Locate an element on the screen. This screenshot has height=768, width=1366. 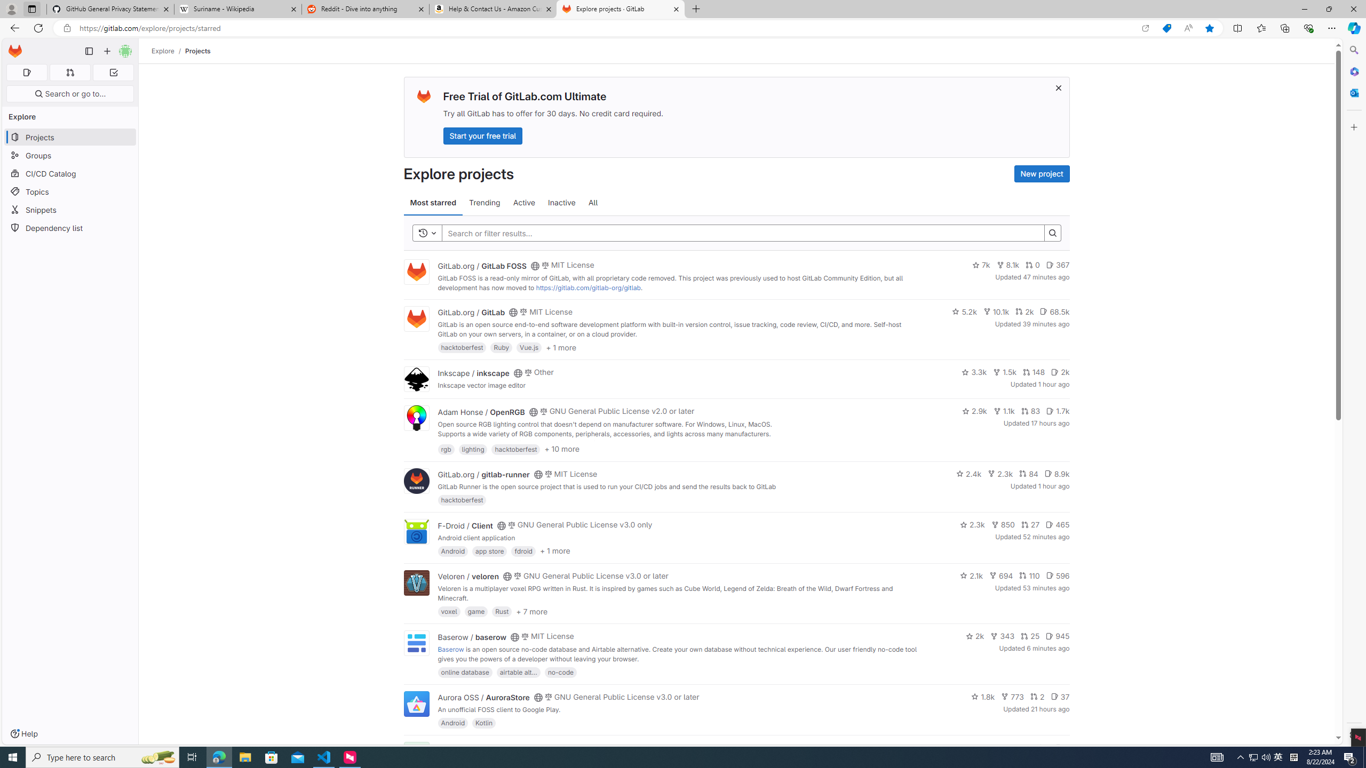
'Dependency list' is located at coordinates (69, 227).